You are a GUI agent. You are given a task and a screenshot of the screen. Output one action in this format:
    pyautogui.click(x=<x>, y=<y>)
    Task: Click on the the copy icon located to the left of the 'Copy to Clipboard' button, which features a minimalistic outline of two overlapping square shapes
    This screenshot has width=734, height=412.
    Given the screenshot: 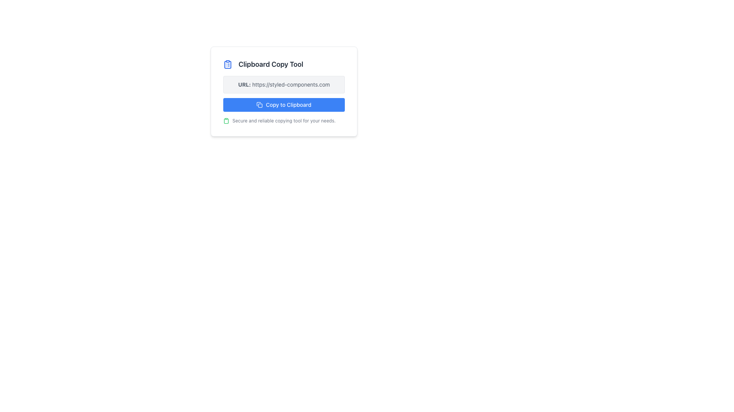 What is the action you would take?
    pyautogui.click(x=260, y=105)
    